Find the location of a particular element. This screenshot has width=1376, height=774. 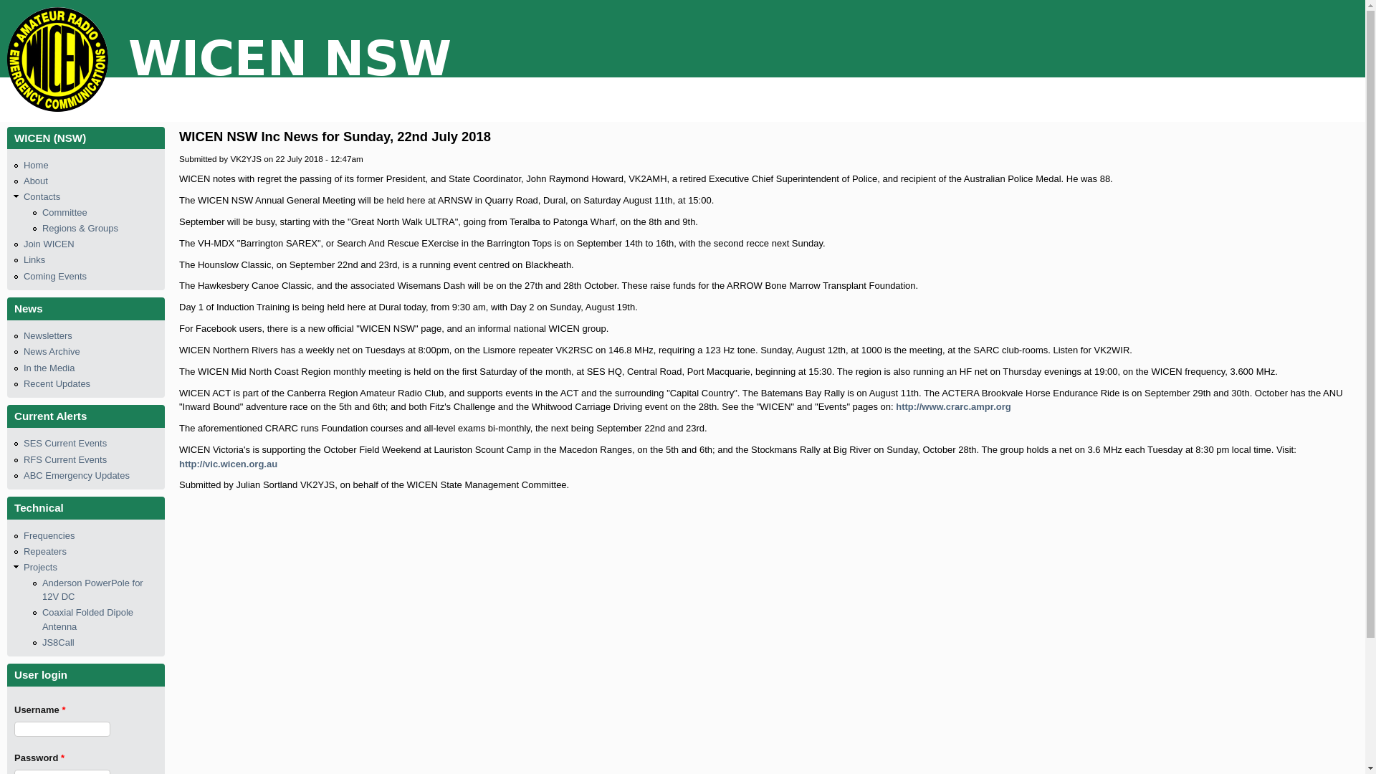

'ABC Emergency Updates' is located at coordinates (75, 475).